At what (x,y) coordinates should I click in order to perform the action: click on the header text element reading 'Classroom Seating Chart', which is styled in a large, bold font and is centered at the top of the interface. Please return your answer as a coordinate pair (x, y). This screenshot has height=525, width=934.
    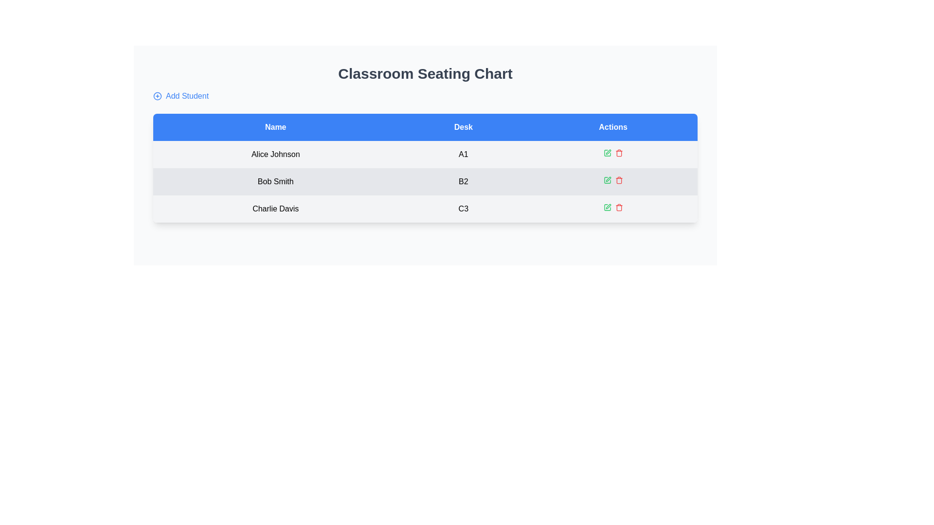
    Looking at the image, I should click on (425, 83).